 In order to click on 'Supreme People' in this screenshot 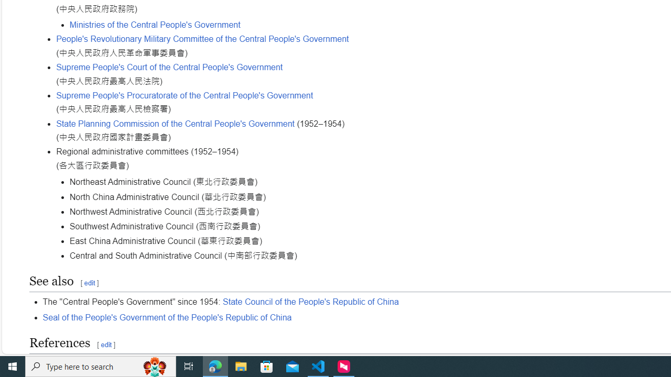, I will do `click(169, 68)`.